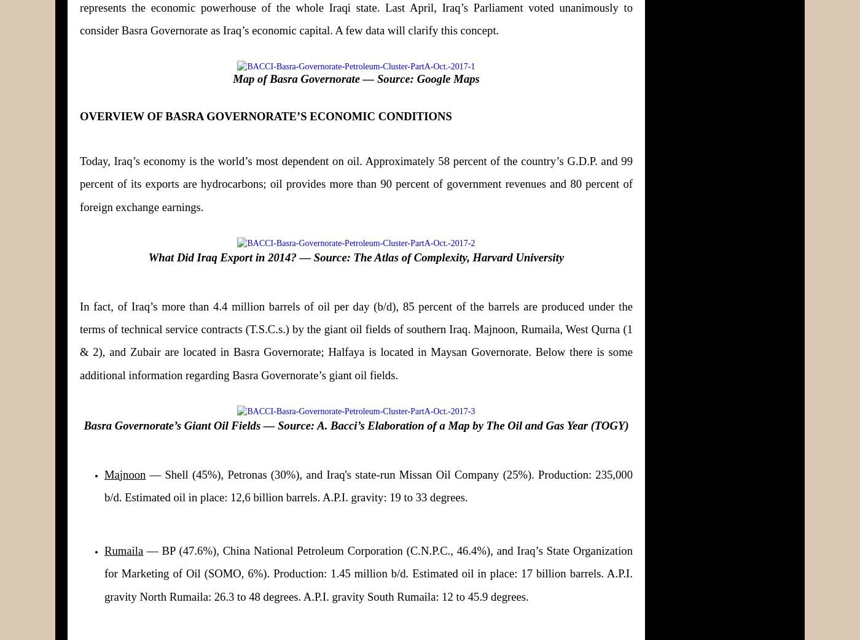  Describe the element at coordinates (356, 78) in the screenshot. I see `'Map of Basra Governorate — Source: Google Maps'` at that location.